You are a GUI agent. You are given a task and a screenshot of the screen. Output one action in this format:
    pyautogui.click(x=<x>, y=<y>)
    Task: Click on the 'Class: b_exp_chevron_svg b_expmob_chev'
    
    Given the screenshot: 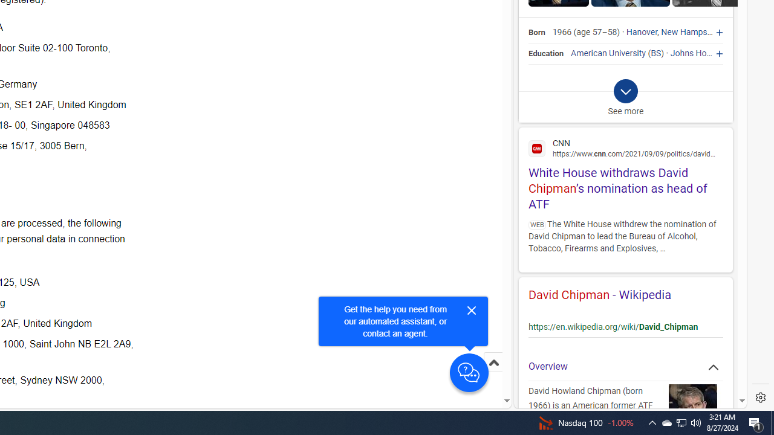 What is the action you would take?
    pyautogui.click(x=625, y=91)
    